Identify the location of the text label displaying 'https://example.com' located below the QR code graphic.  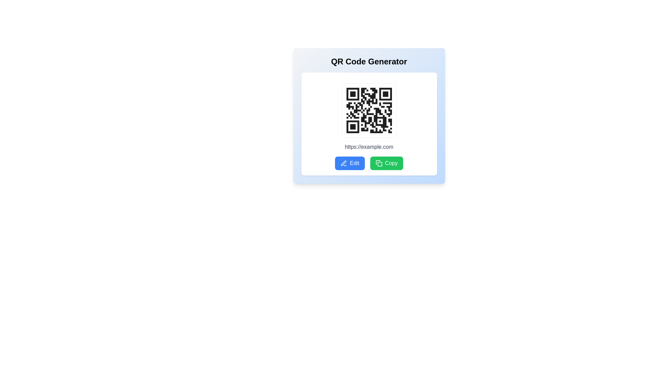
(369, 147).